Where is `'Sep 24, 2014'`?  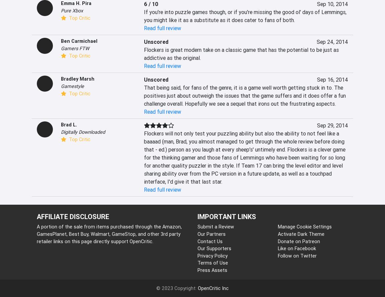
'Sep 24, 2014' is located at coordinates (332, 42).